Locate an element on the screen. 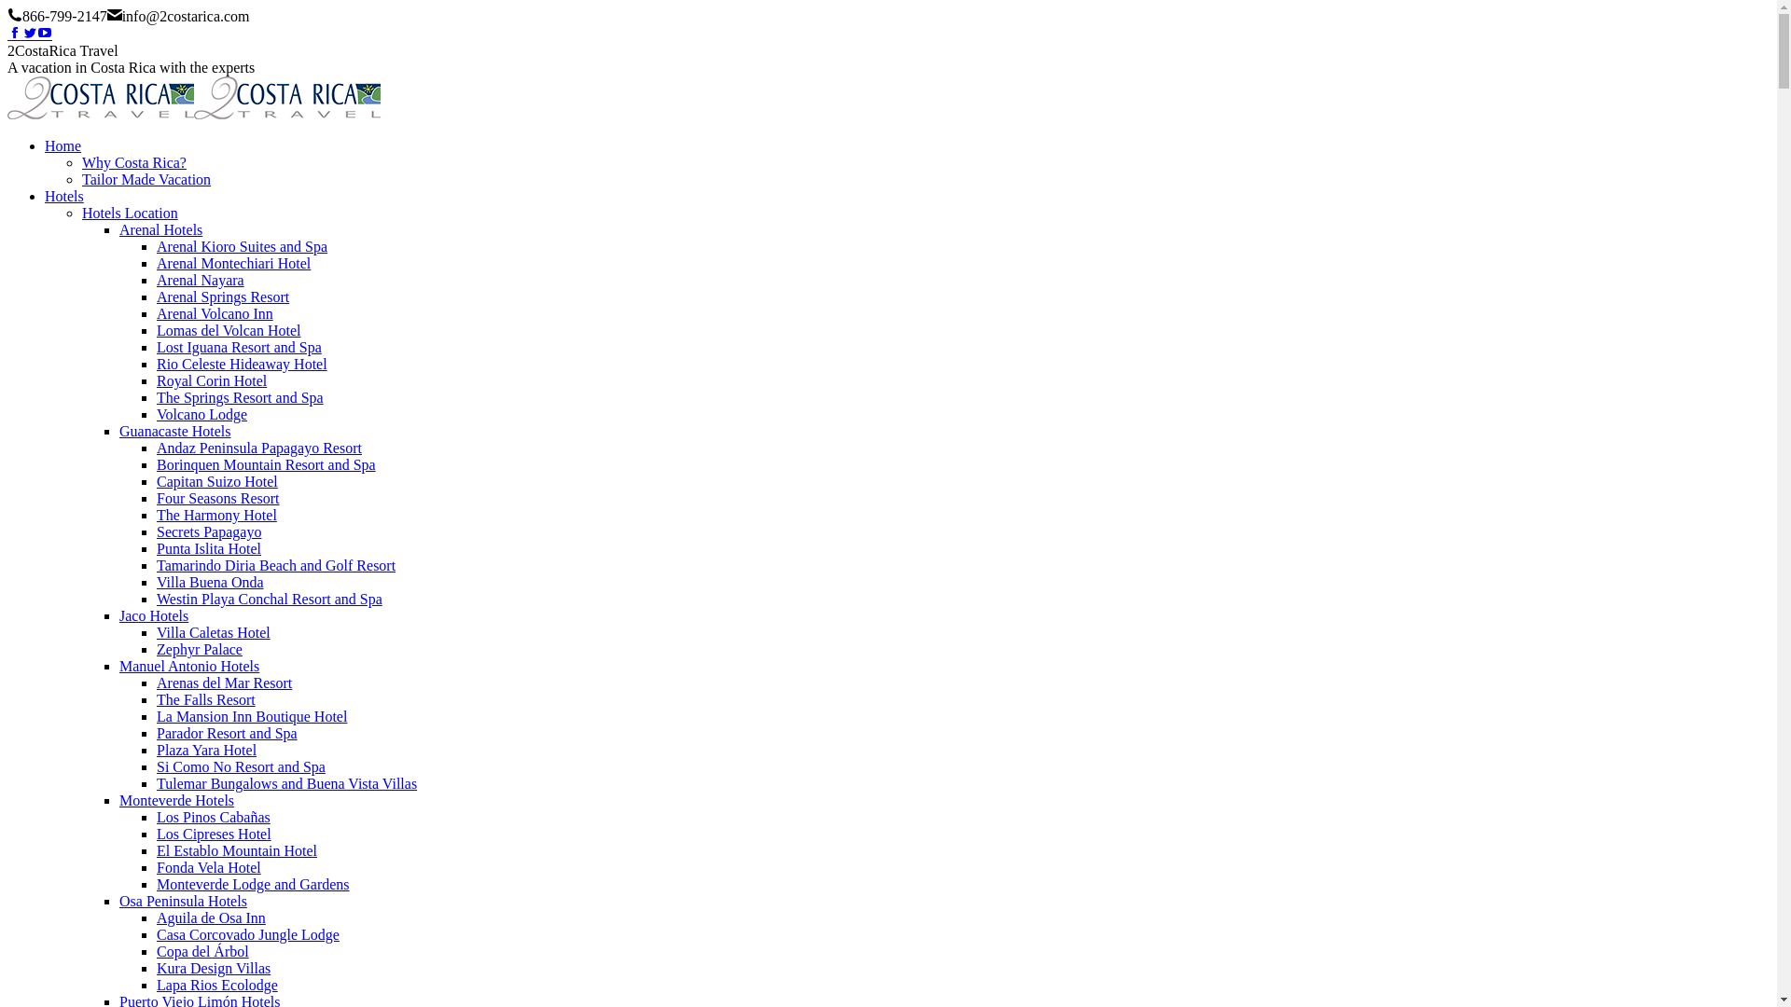 The width and height of the screenshot is (1791, 1007). 'Secrets Papagayo' is located at coordinates (157, 531).